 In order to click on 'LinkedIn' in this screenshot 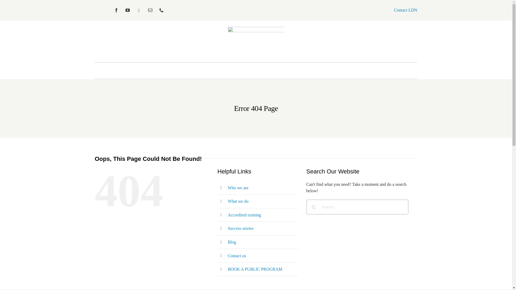, I will do `click(139, 10)`.